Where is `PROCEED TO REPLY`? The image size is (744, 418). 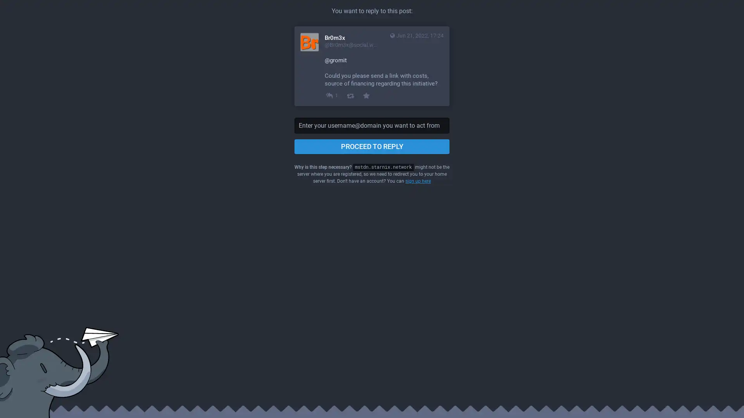
PROCEED TO REPLY is located at coordinates (372, 146).